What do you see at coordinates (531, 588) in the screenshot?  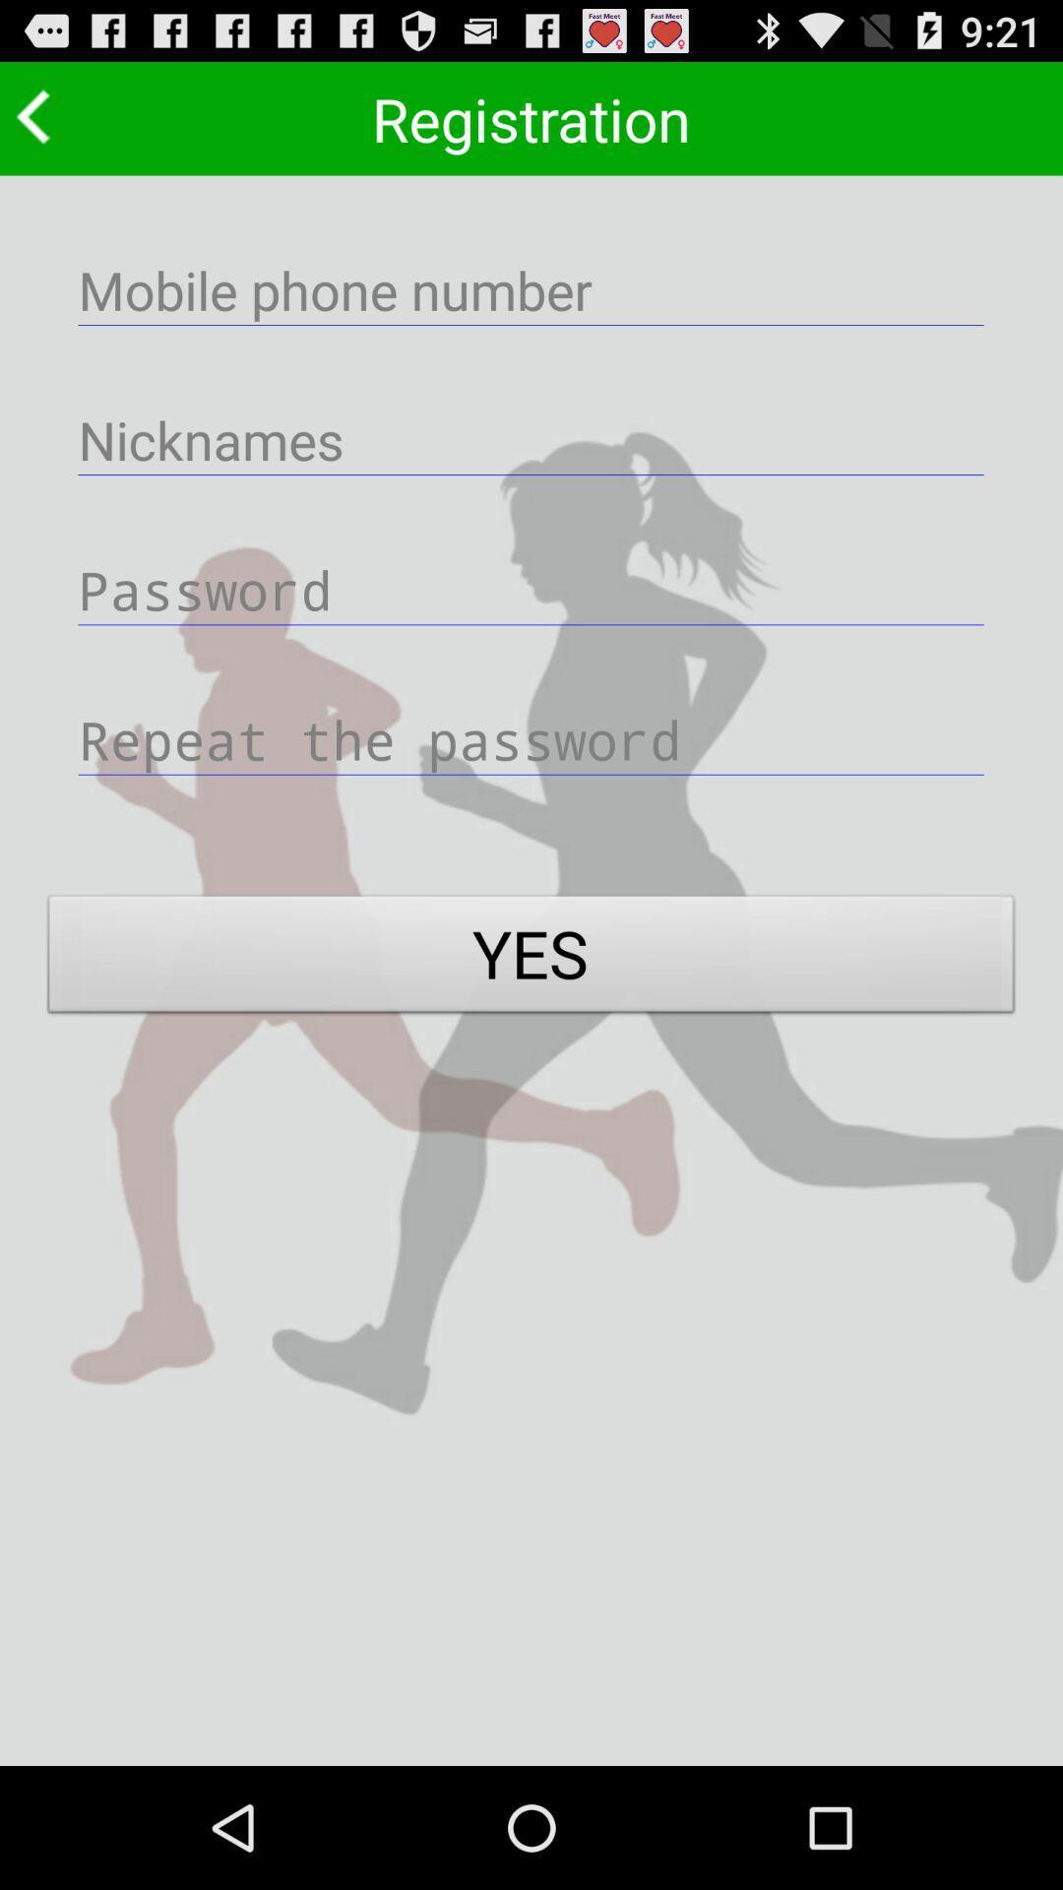 I see `the password` at bounding box center [531, 588].